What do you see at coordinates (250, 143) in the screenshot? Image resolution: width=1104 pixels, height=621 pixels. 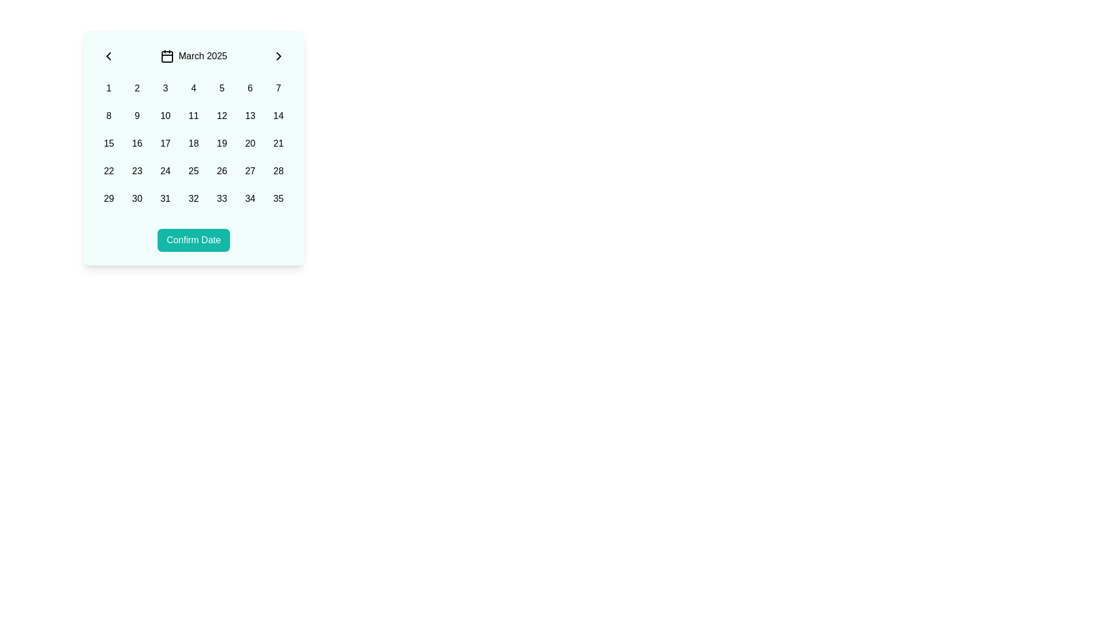 I see `the selectable date button representing the date '20' in the calendar interface` at bounding box center [250, 143].